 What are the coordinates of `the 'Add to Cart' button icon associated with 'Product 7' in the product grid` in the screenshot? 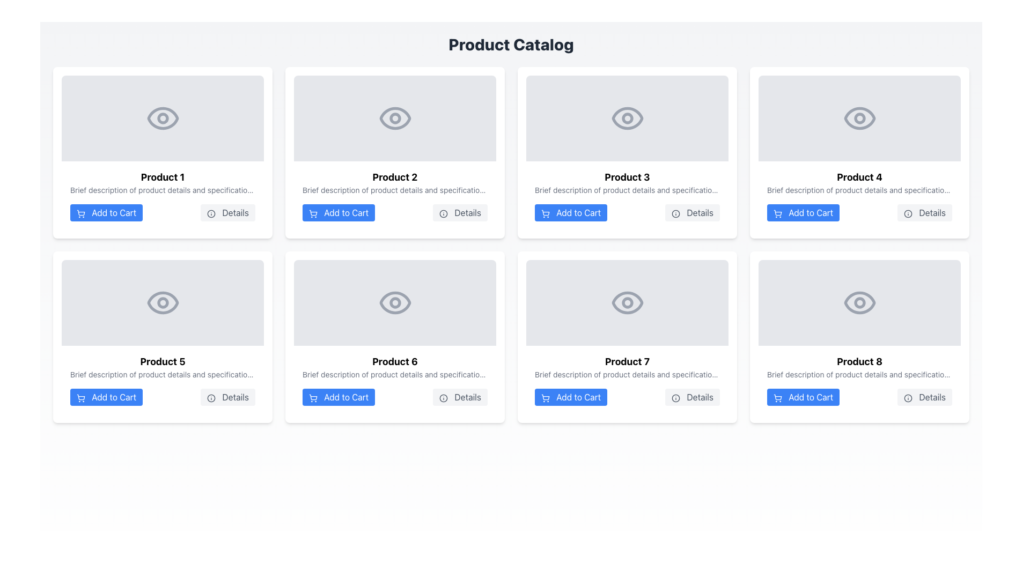 It's located at (546, 397).